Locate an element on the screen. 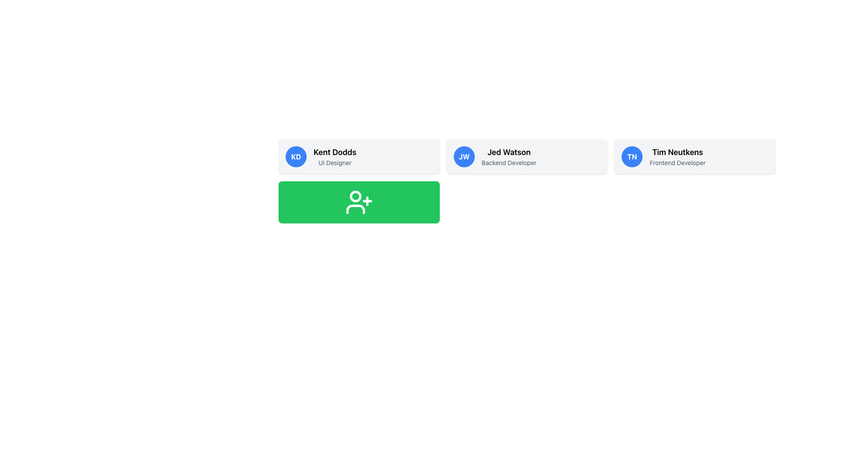 This screenshot has height=473, width=841. the text label displaying 'Jed Watson' and 'Backend Developer', which is located in the second profile card of a horizontally arranged list is located at coordinates (509, 156).